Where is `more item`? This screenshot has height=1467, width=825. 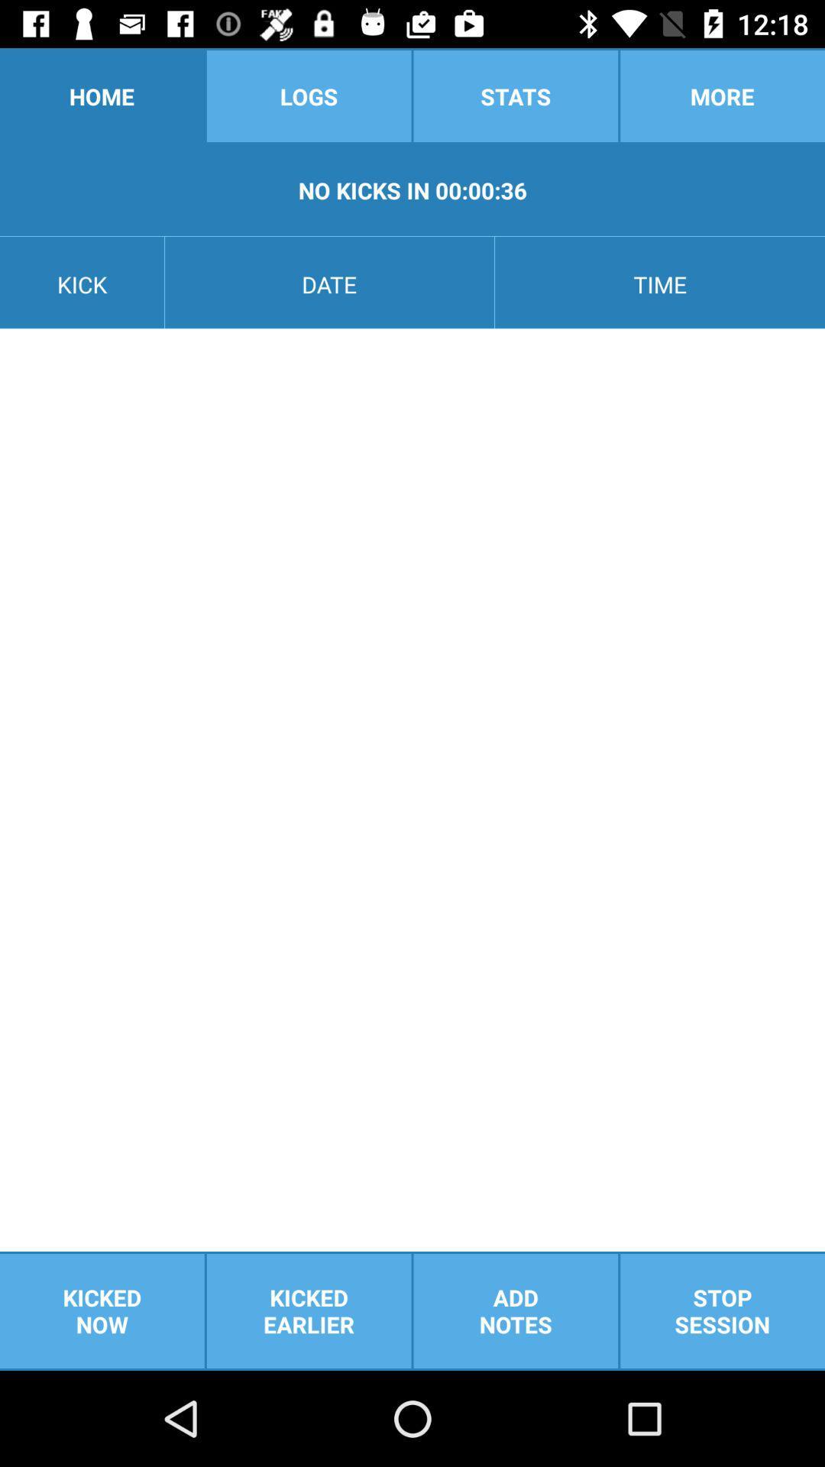
more item is located at coordinates (722, 95).